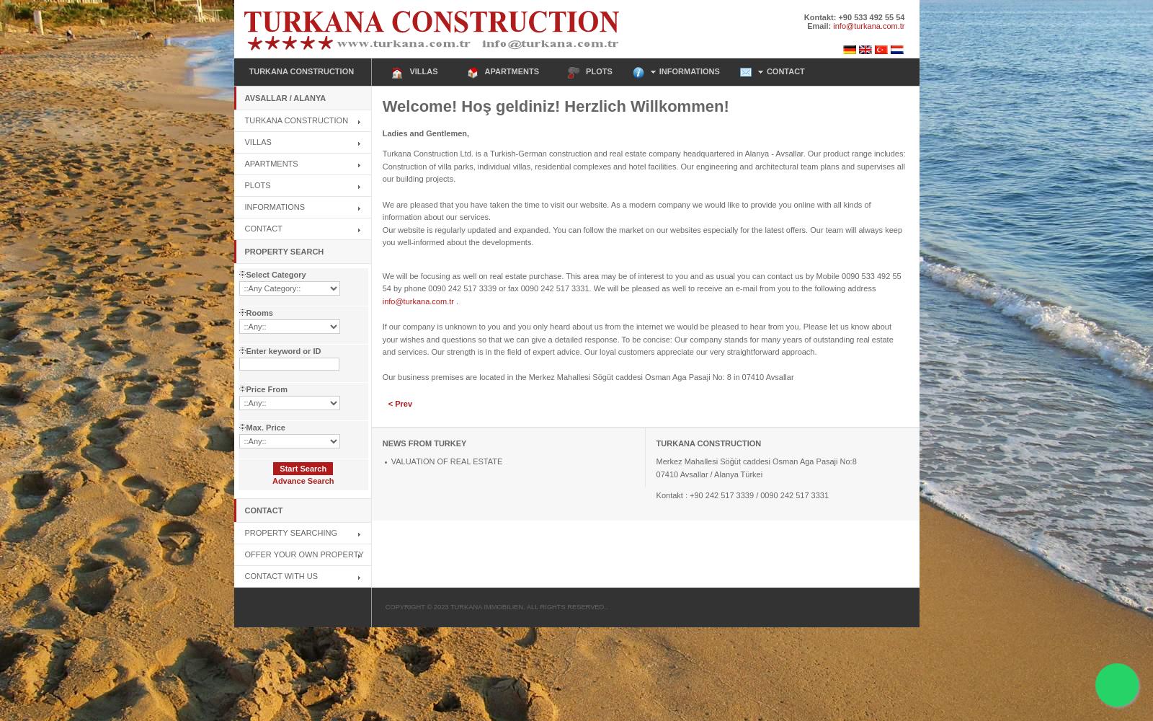 The image size is (1153, 721). I want to click on 'Informations', so click(274, 206).